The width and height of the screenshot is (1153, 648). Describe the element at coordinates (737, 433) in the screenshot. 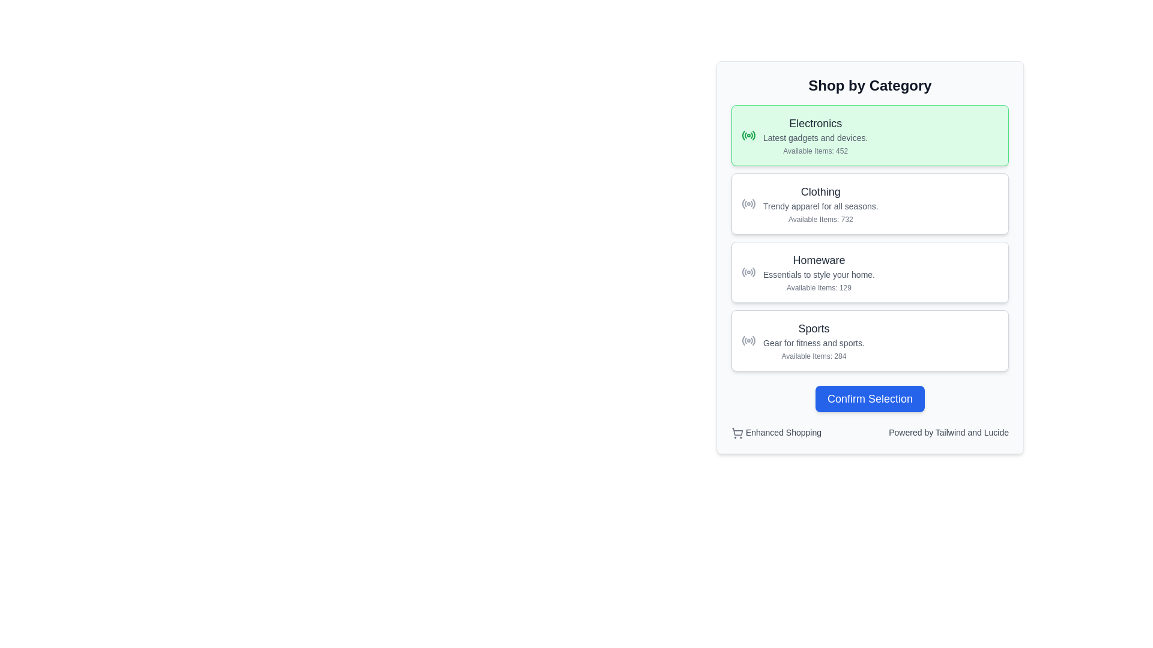

I see `the shopping cart icon located at the bottom left of the interface, adjacent to the text 'Enhanced Shopping'` at that location.